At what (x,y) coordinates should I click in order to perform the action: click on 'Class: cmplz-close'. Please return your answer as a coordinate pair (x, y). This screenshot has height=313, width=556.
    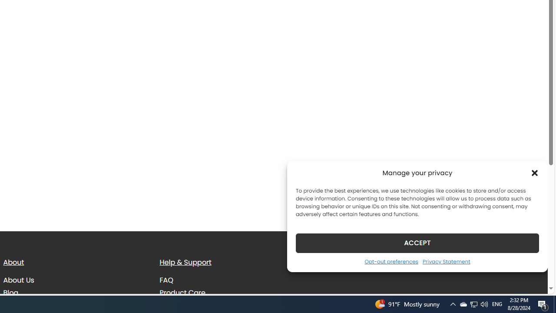
    Looking at the image, I should click on (534, 173).